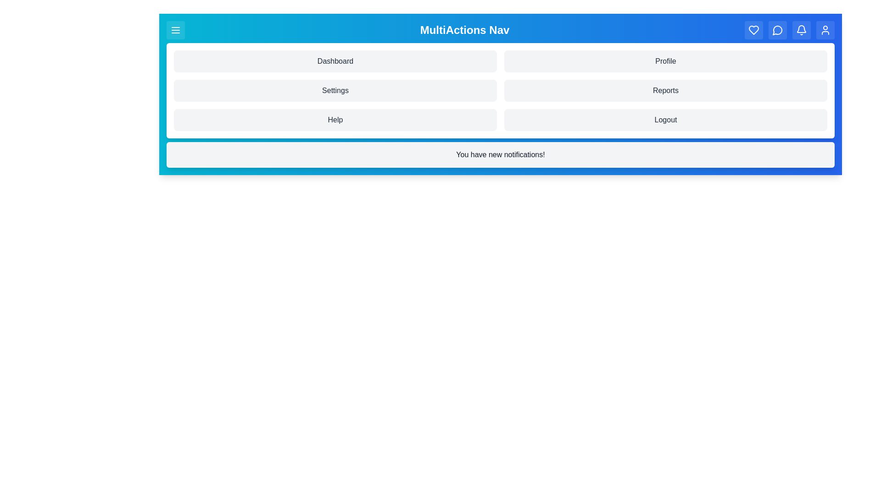 This screenshot has height=495, width=881. What do you see at coordinates (665, 61) in the screenshot?
I see `the menu item labeled Profile` at bounding box center [665, 61].